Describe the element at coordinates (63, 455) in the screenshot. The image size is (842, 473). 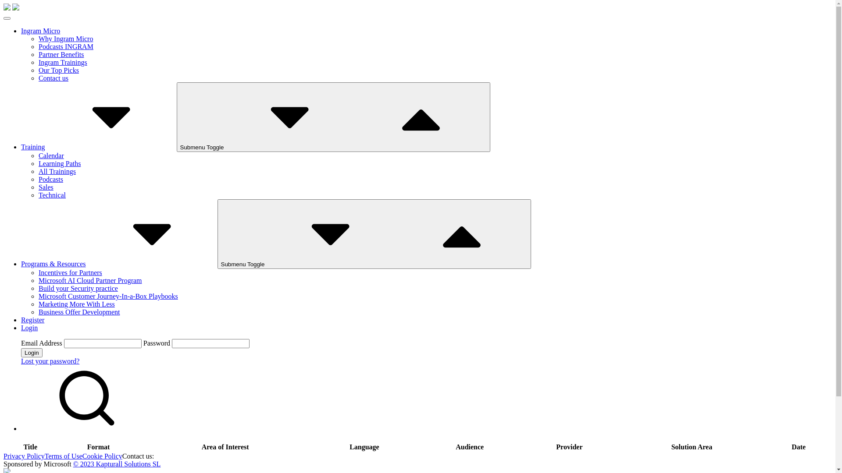
I see `'Terms of Use'` at that location.